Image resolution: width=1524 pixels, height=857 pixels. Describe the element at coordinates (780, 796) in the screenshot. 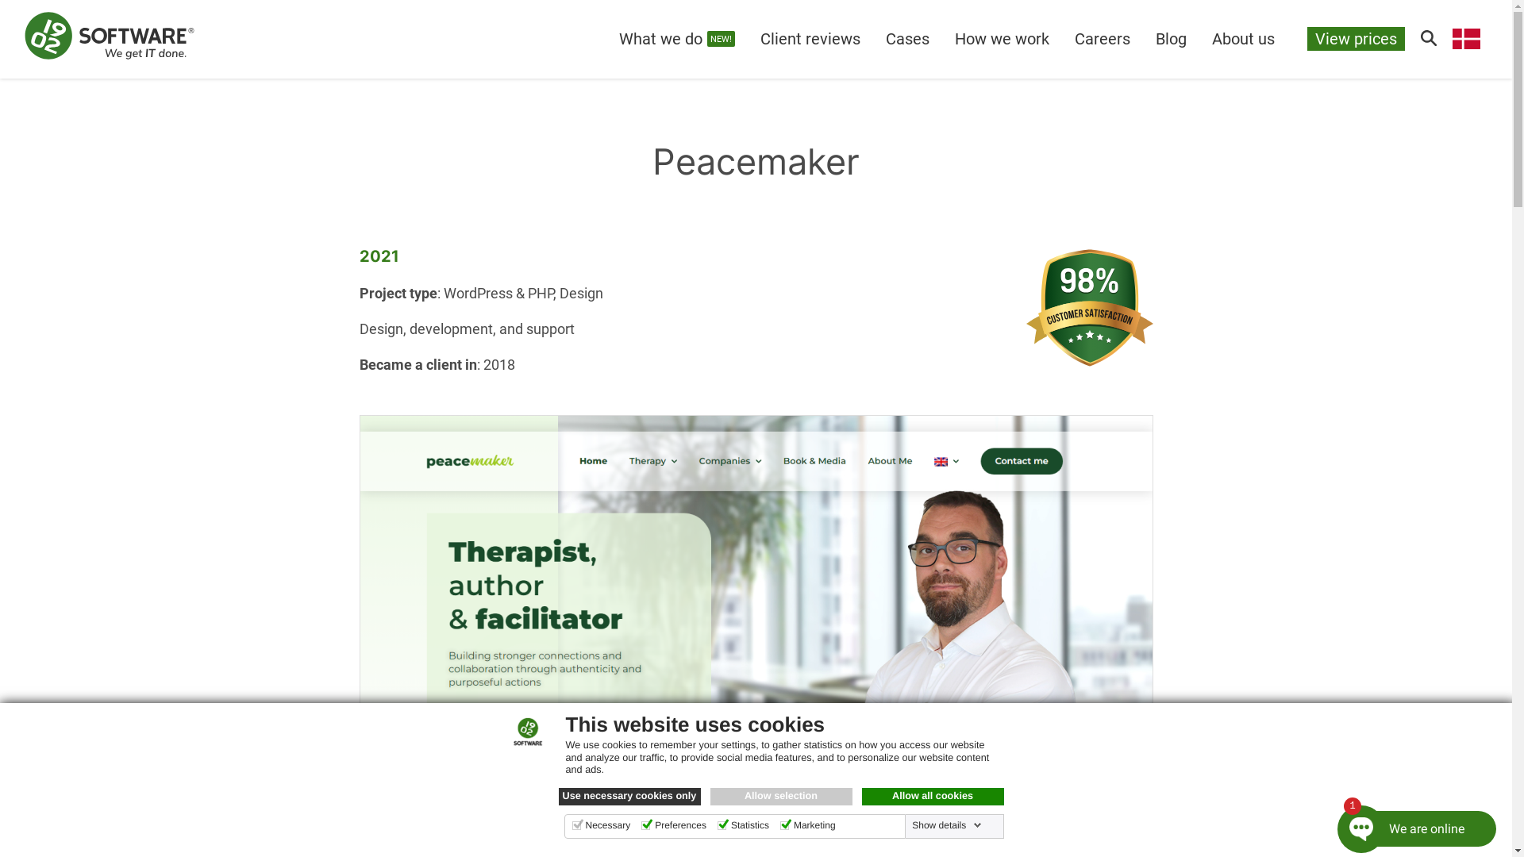

I see `'Allow selection'` at that location.